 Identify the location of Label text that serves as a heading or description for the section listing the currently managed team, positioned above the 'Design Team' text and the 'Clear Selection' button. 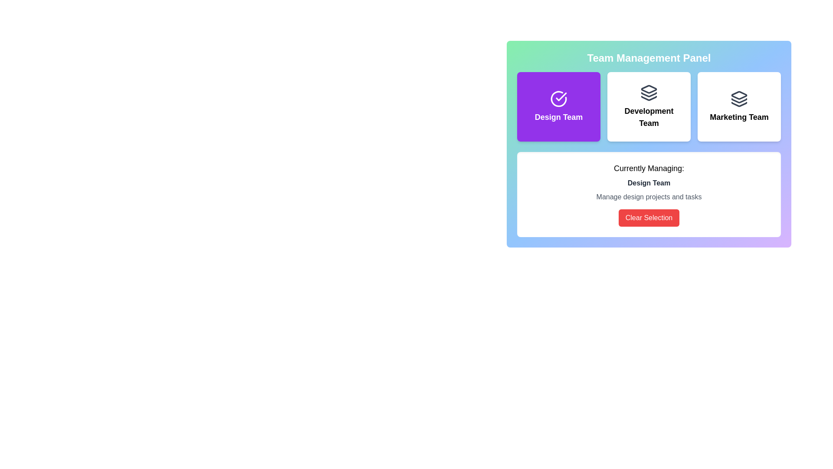
(649, 168).